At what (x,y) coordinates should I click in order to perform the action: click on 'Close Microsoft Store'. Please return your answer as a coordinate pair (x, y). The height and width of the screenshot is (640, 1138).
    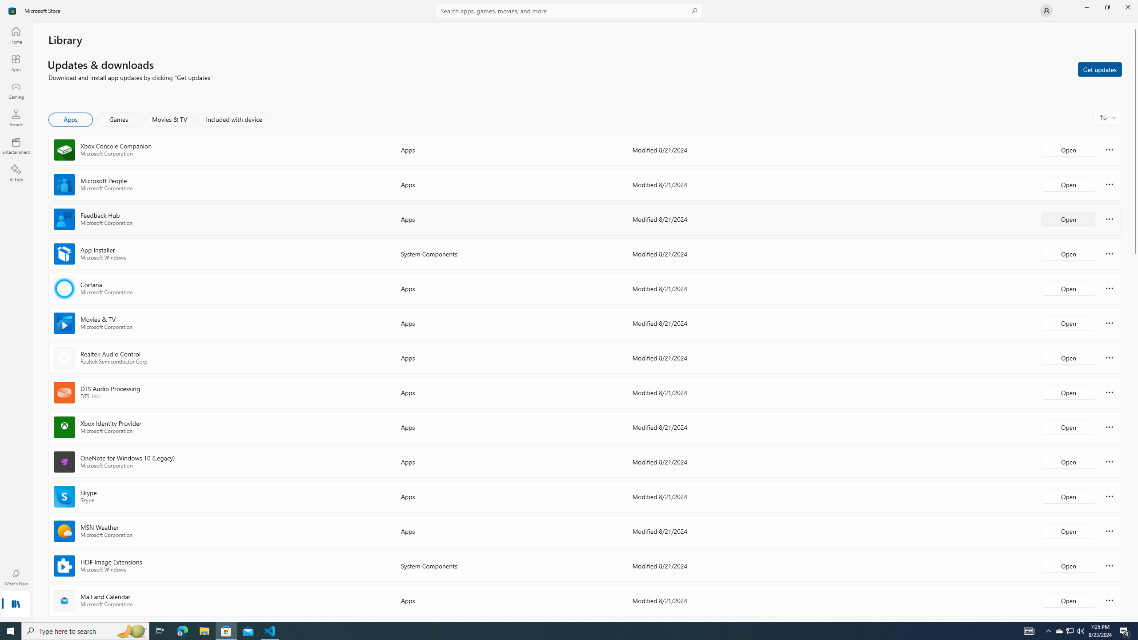
    Looking at the image, I should click on (1127, 7).